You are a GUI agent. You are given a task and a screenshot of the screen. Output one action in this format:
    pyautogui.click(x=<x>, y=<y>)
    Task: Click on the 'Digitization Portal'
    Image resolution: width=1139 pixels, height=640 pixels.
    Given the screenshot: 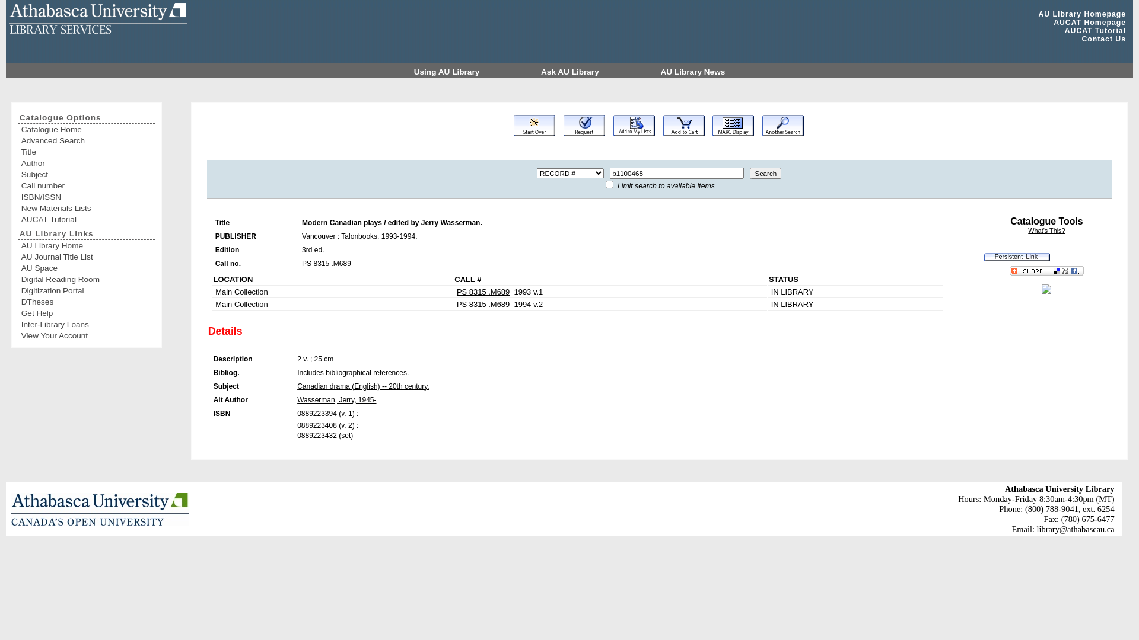 What is the action you would take?
    pyautogui.click(x=21, y=290)
    